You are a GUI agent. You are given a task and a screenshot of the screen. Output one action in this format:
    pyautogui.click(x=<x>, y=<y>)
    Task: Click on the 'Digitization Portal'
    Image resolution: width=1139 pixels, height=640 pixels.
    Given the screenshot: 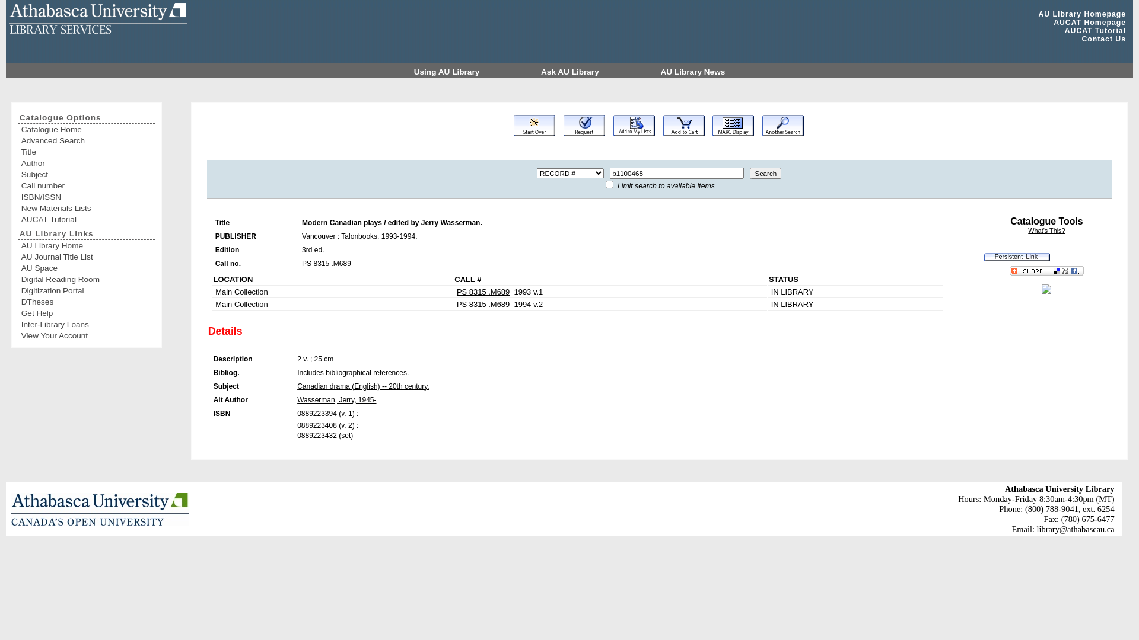 What is the action you would take?
    pyautogui.click(x=21, y=290)
    